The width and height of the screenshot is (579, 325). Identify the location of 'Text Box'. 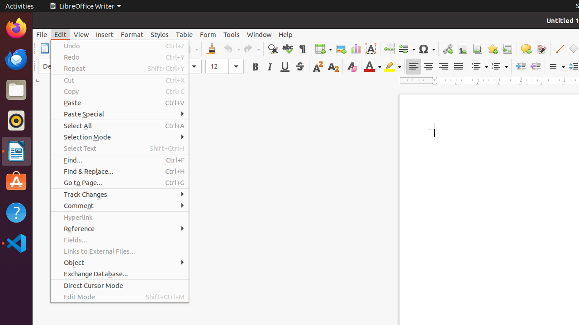
(370, 49).